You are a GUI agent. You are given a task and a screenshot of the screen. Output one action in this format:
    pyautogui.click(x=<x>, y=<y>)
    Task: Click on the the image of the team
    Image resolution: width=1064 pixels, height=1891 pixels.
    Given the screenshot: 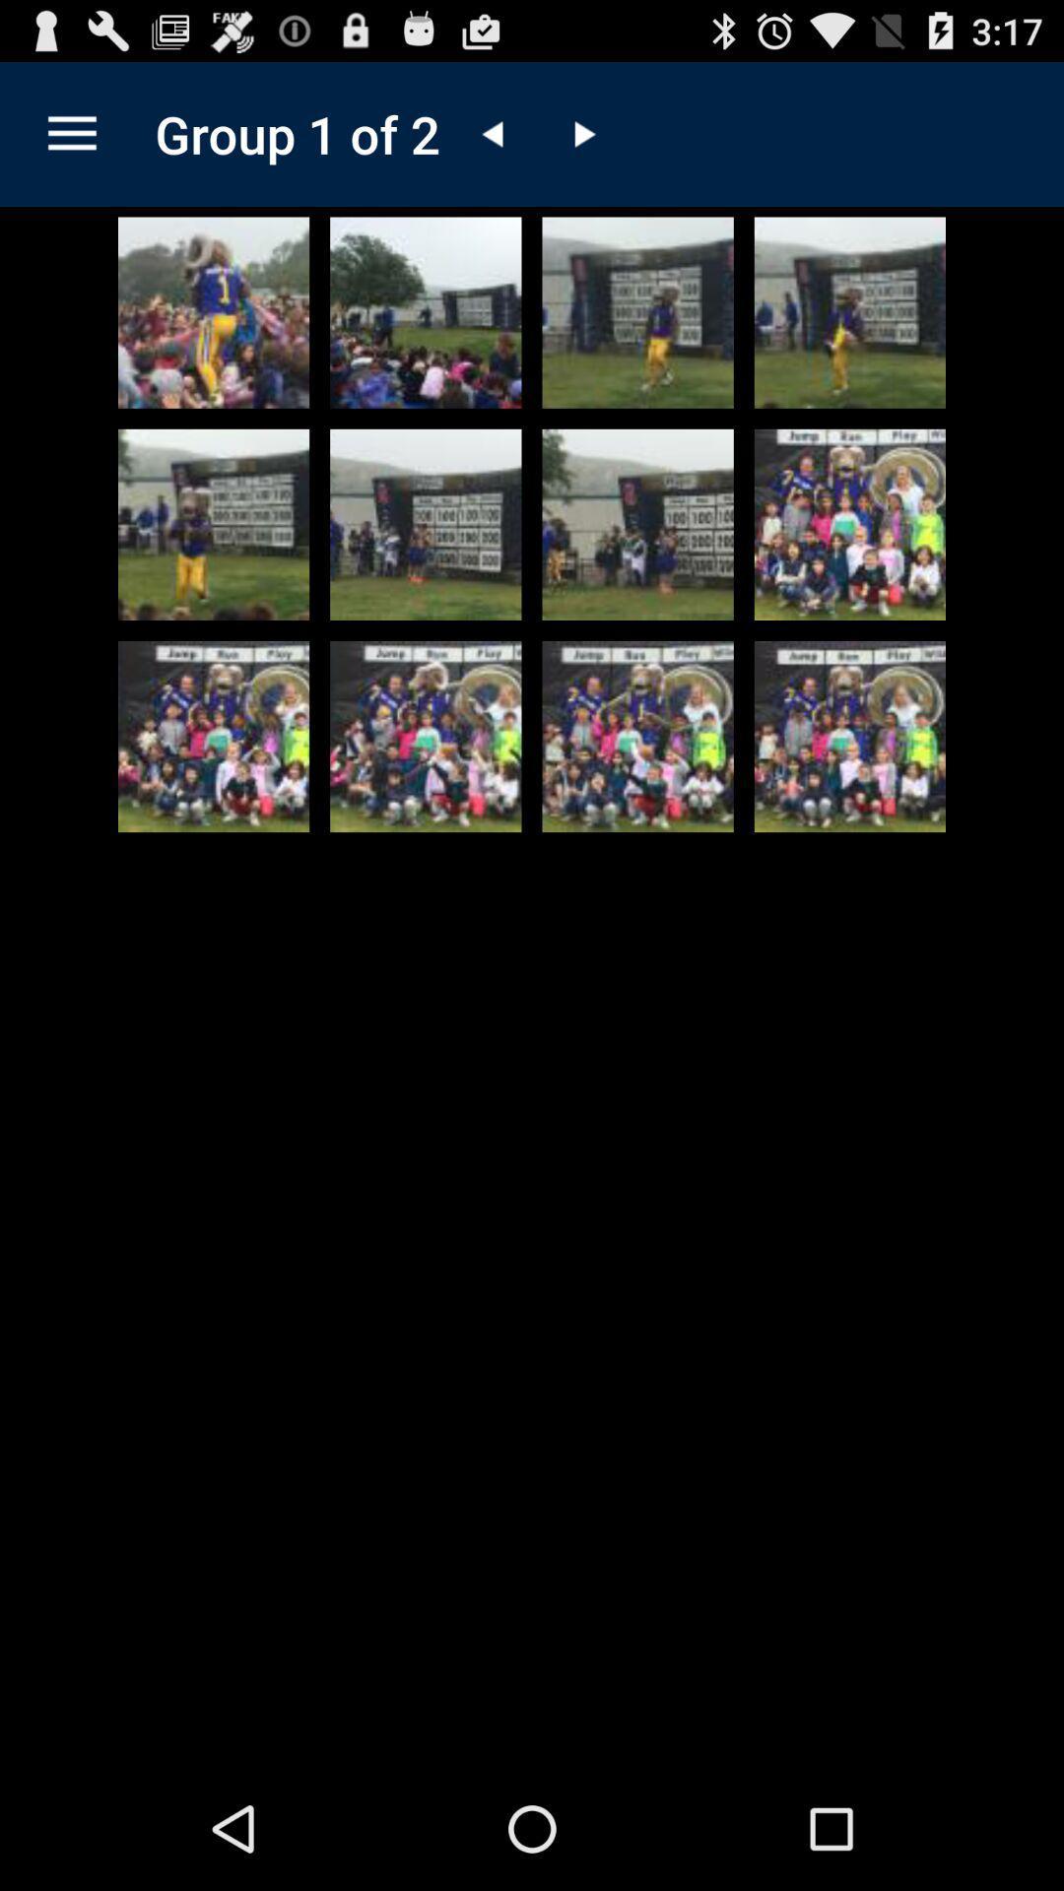 What is the action you would take?
    pyautogui.click(x=848, y=524)
    